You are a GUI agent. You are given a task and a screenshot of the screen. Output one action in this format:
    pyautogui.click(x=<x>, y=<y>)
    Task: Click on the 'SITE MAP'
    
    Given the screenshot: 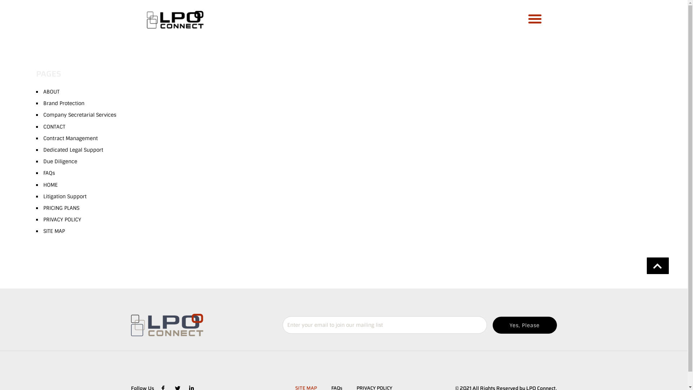 What is the action you would take?
    pyautogui.click(x=43, y=231)
    